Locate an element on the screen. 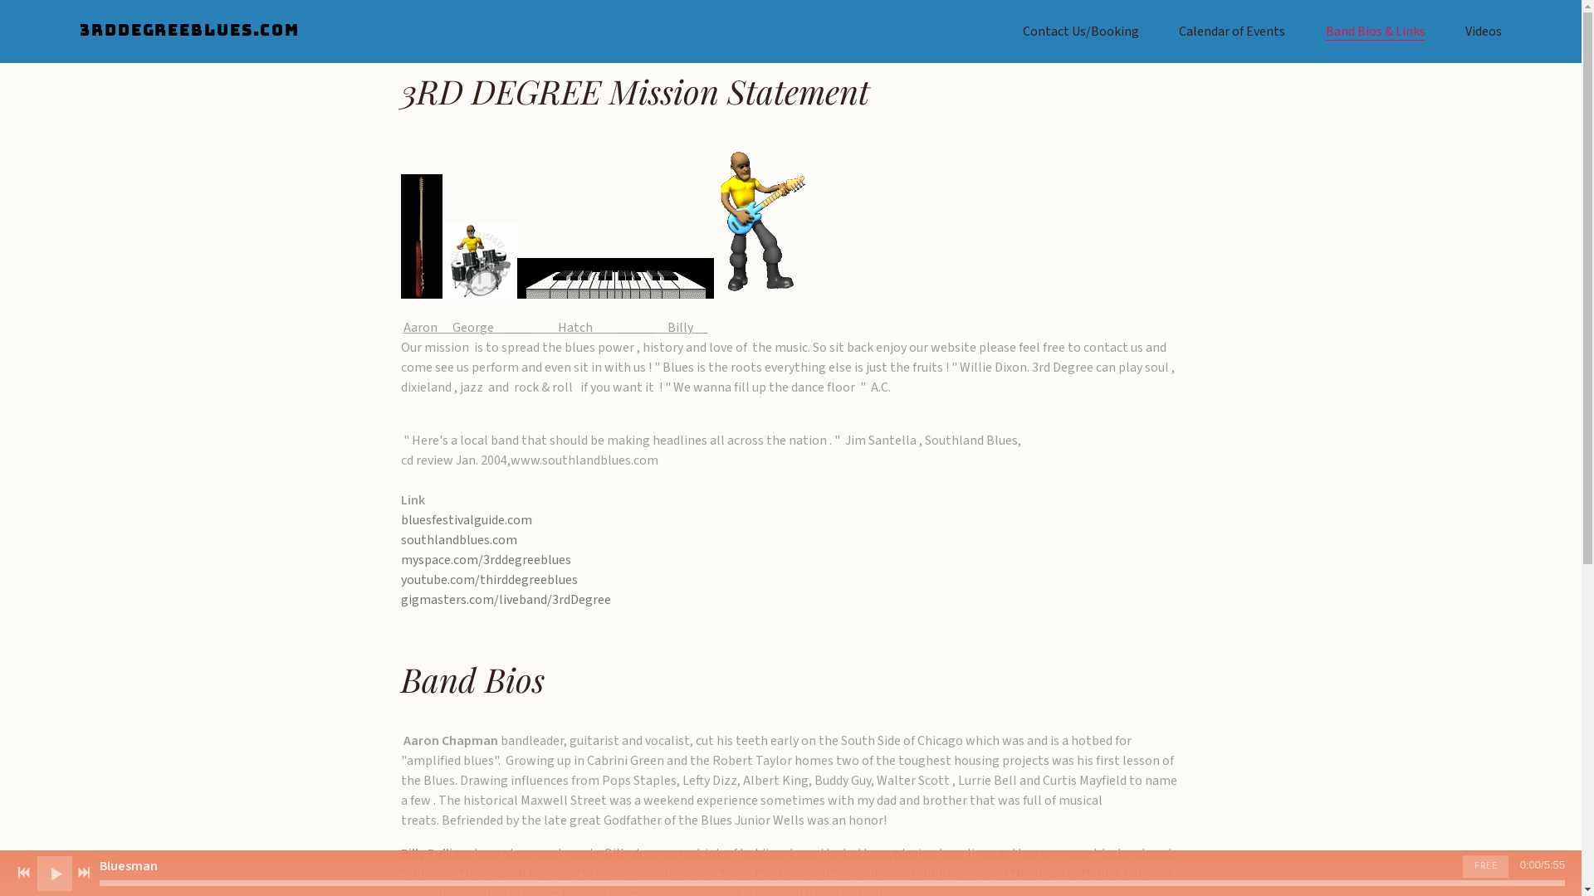  'FREE' is located at coordinates (1485, 865).